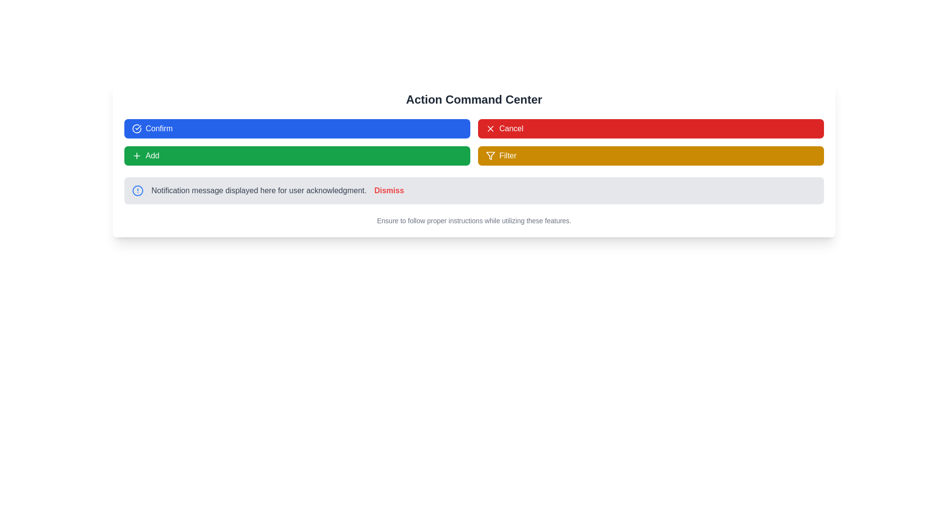  What do you see at coordinates (490, 155) in the screenshot?
I see `the filtering icon within the 'Filter' button located in the top-right section of the interface, which is the fourth button in the action button group` at bounding box center [490, 155].